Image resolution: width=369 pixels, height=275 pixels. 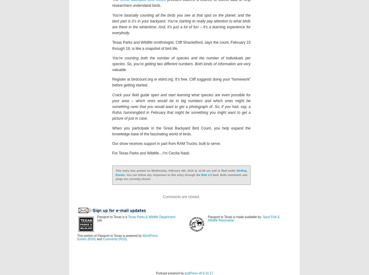 I want to click on 'Comments are closed.', so click(x=181, y=197).